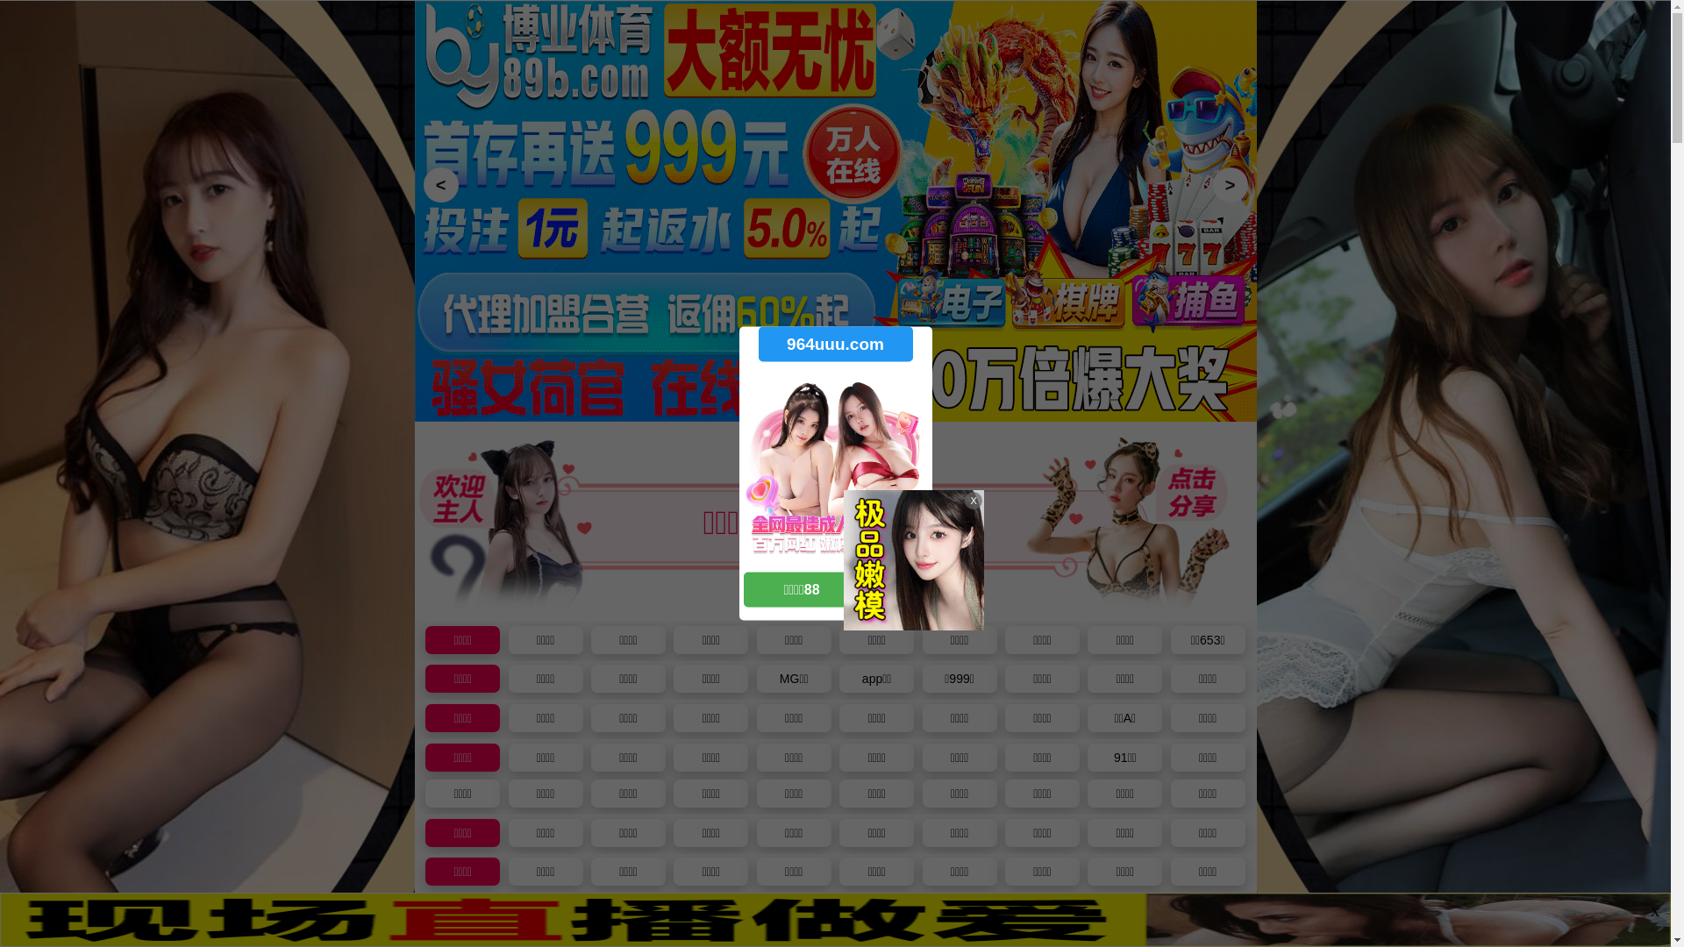  What do you see at coordinates (422, 185) in the screenshot?
I see `'<'` at bounding box center [422, 185].